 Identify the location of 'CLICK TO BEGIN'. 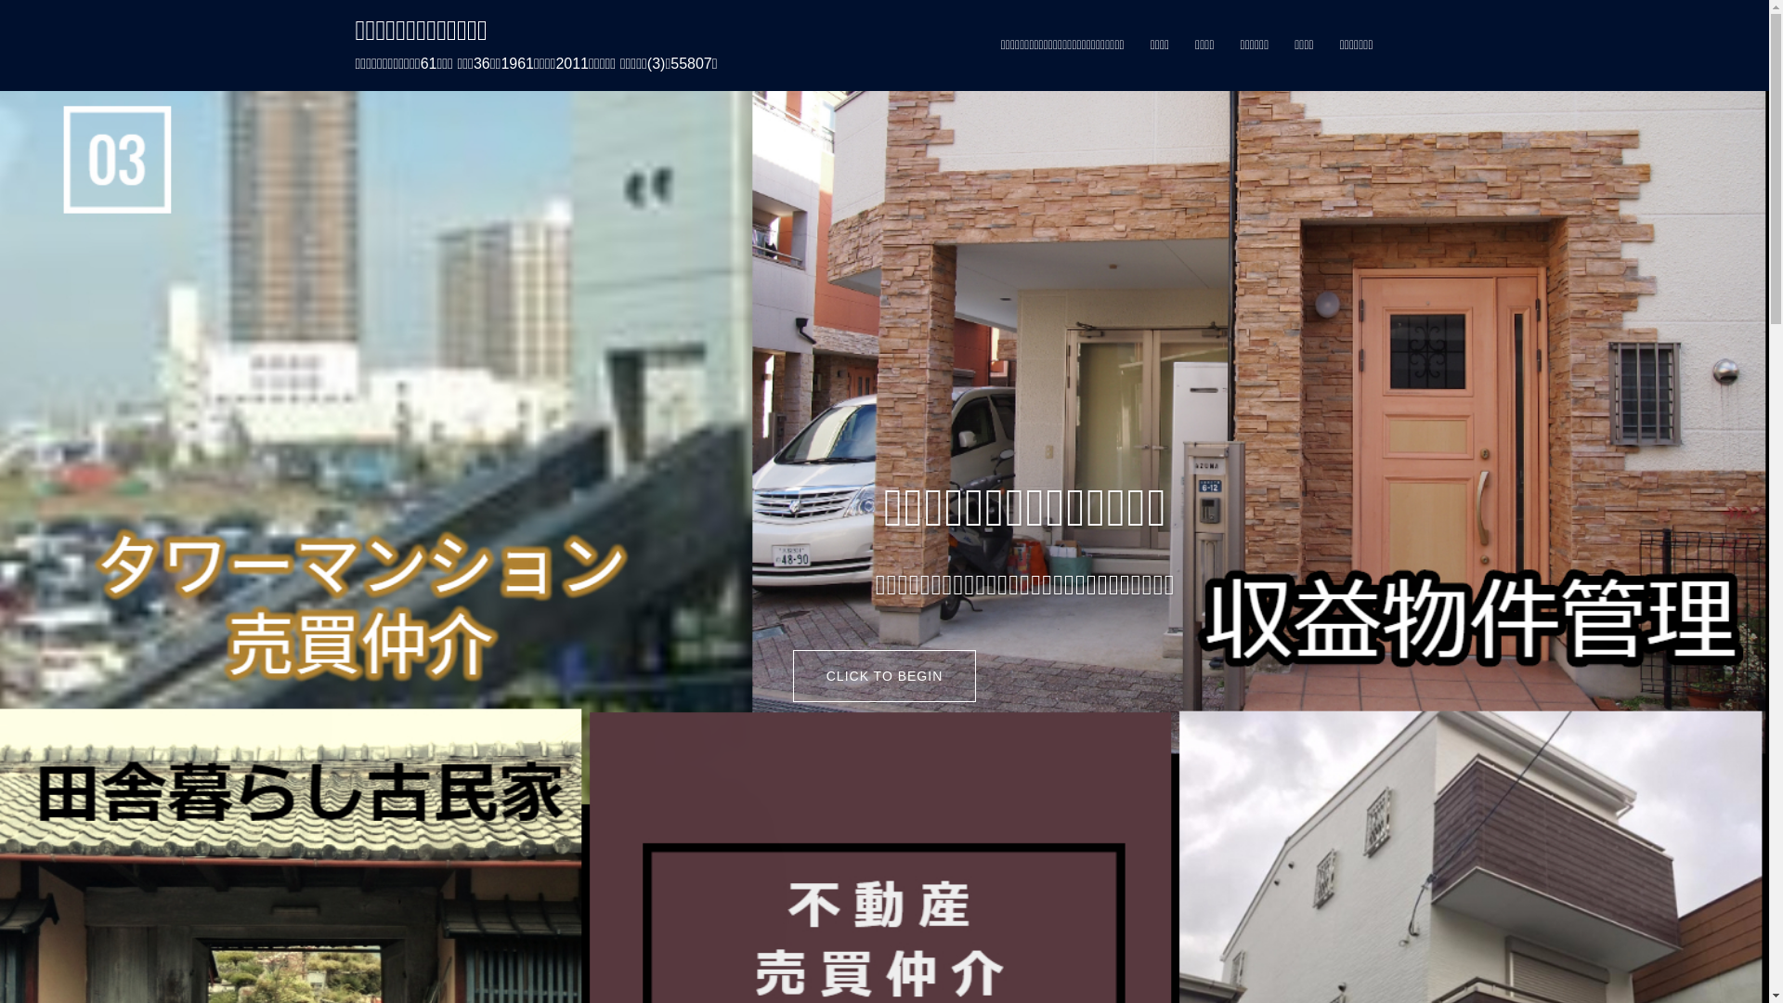
(884, 676).